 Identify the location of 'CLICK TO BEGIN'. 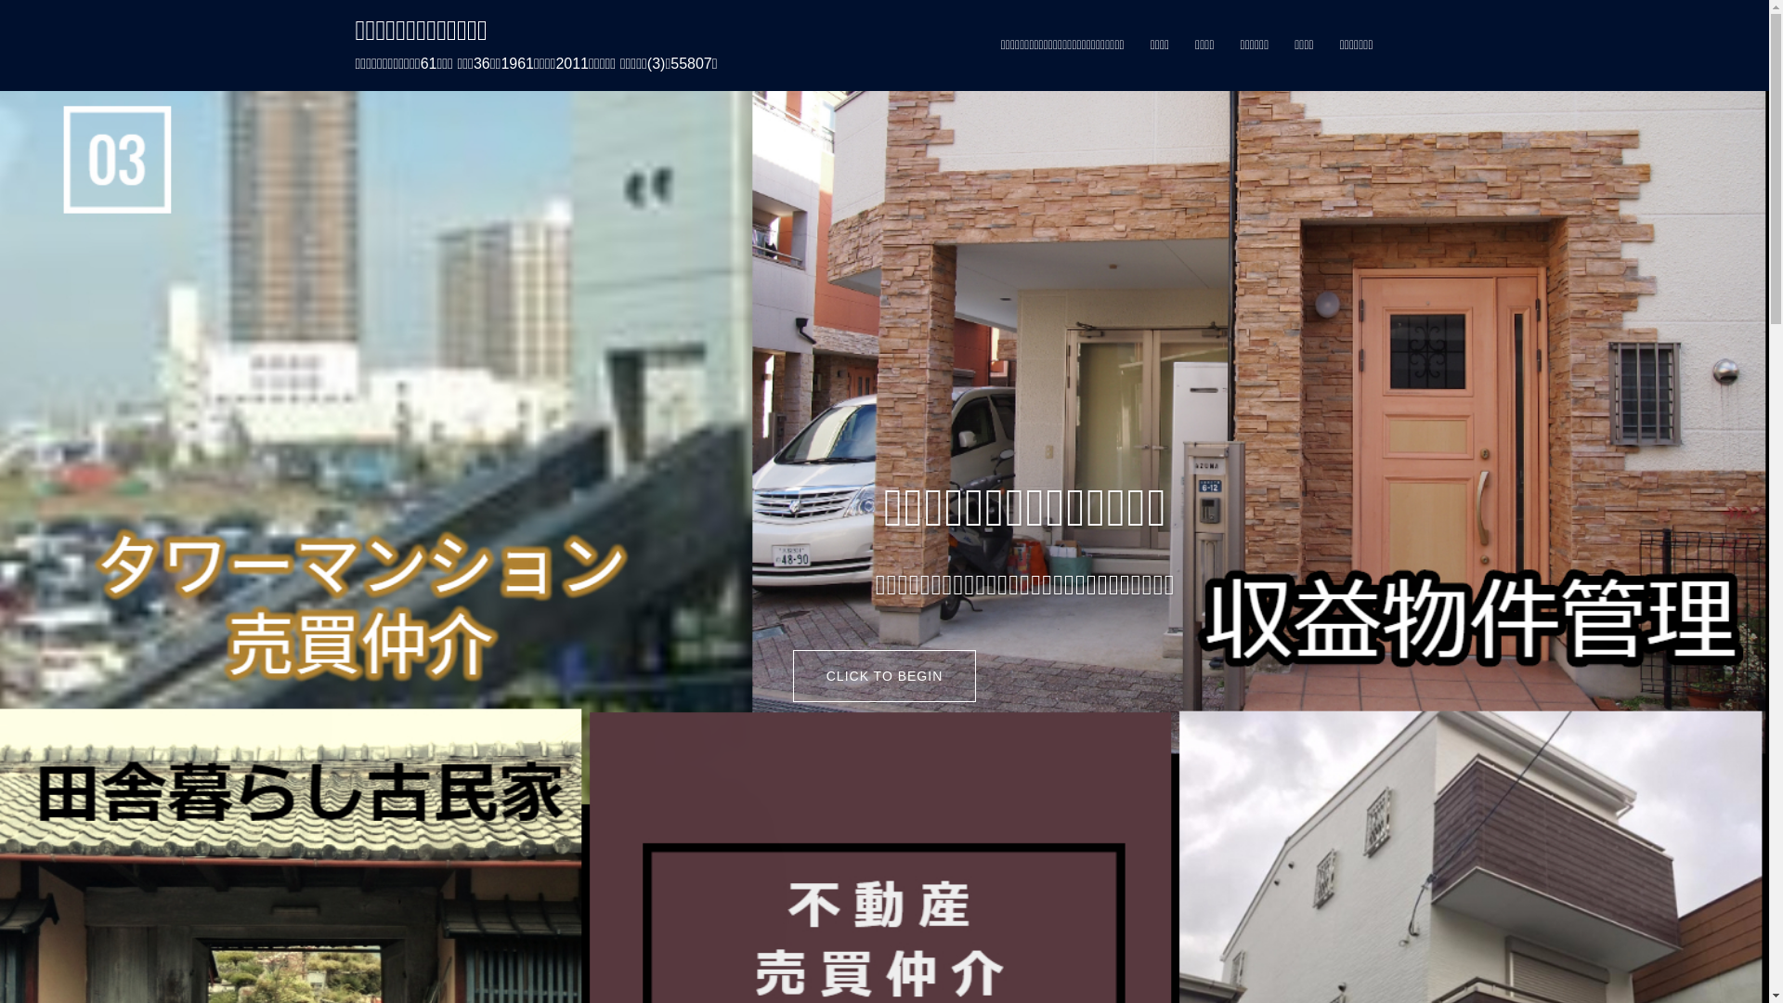
(884, 676).